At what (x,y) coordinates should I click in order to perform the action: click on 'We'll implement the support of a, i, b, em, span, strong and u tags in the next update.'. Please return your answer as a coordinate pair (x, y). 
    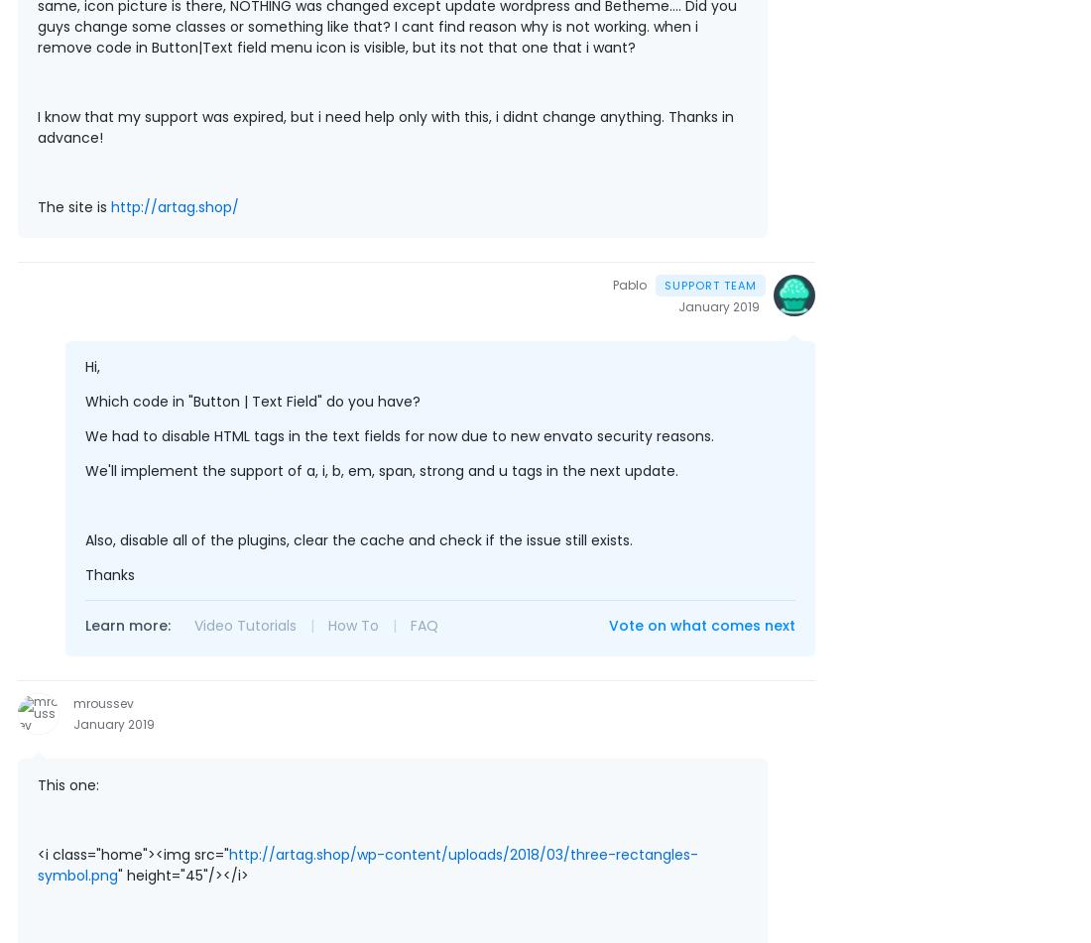
    Looking at the image, I should click on (382, 471).